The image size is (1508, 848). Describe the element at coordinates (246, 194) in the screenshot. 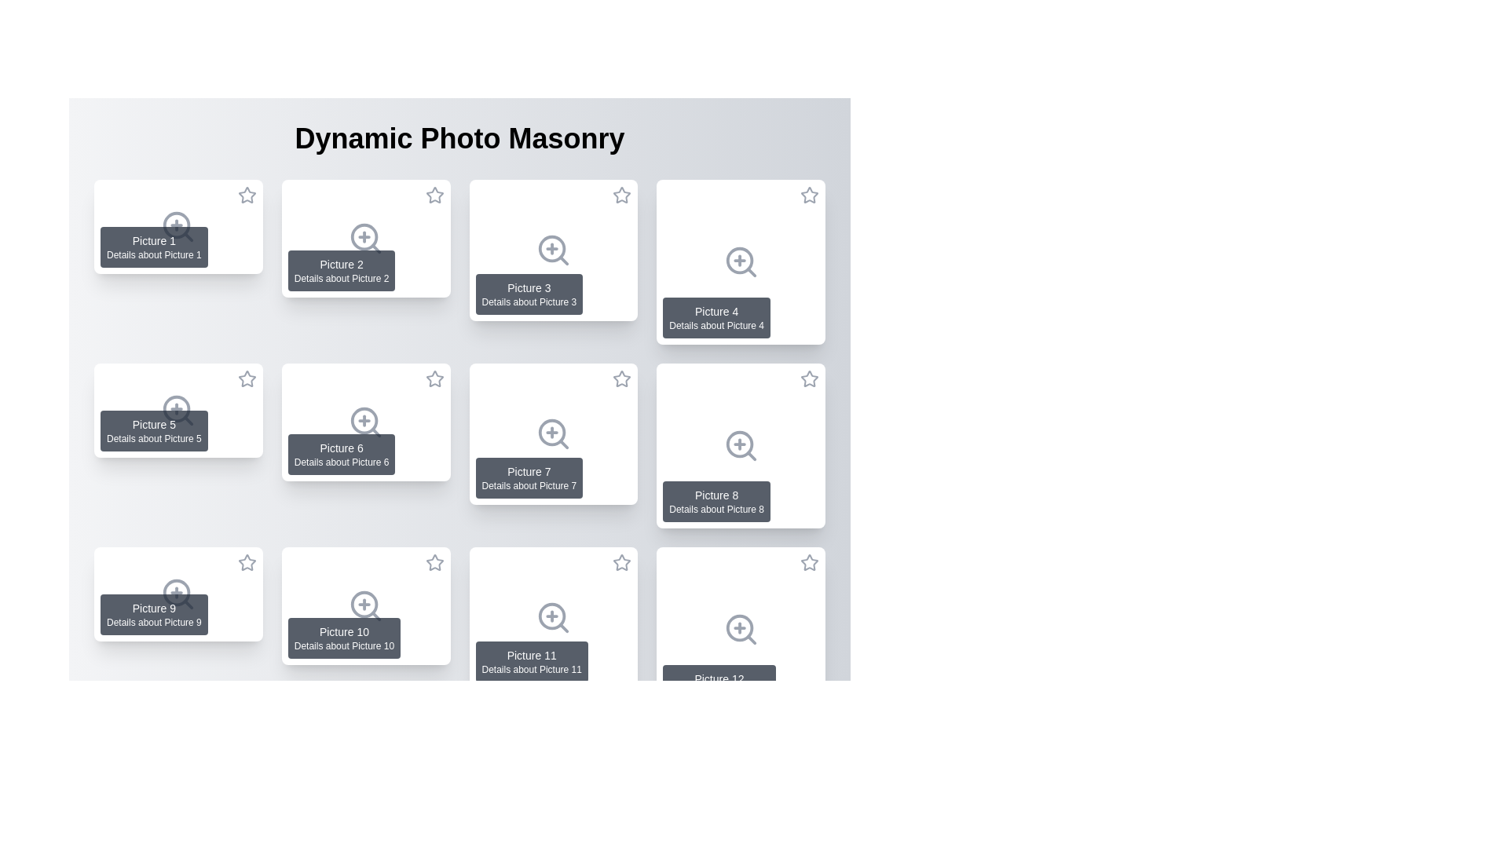

I see `the gray star-shaped icon located at the top-right corner of the media tile labeled 'Picture 1'` at that location.